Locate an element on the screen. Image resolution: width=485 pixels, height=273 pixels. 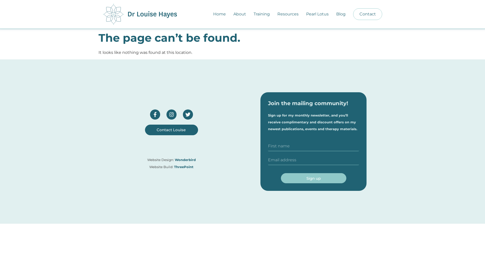
'Contact Louise' is located at coordinates (171, 130).